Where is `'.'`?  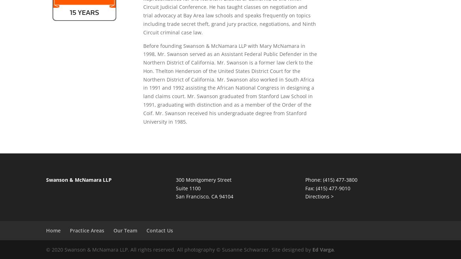
'.' is located at coordinates (333, 249).